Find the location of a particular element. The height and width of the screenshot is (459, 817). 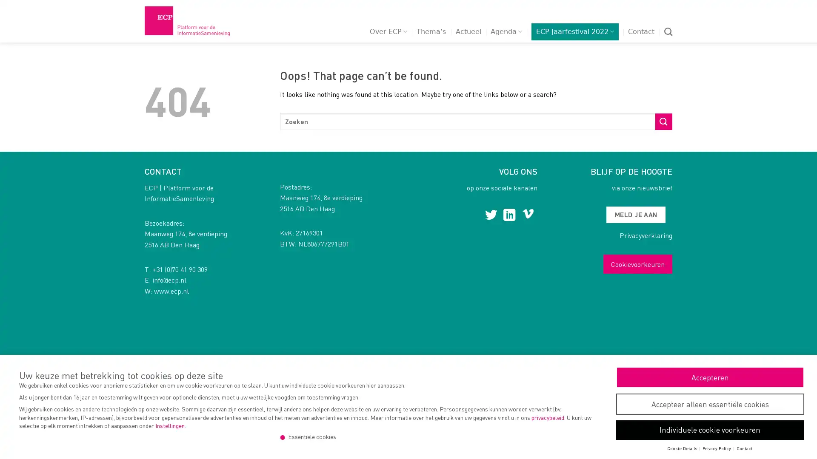

Submit is located at coordinates (663, 121).